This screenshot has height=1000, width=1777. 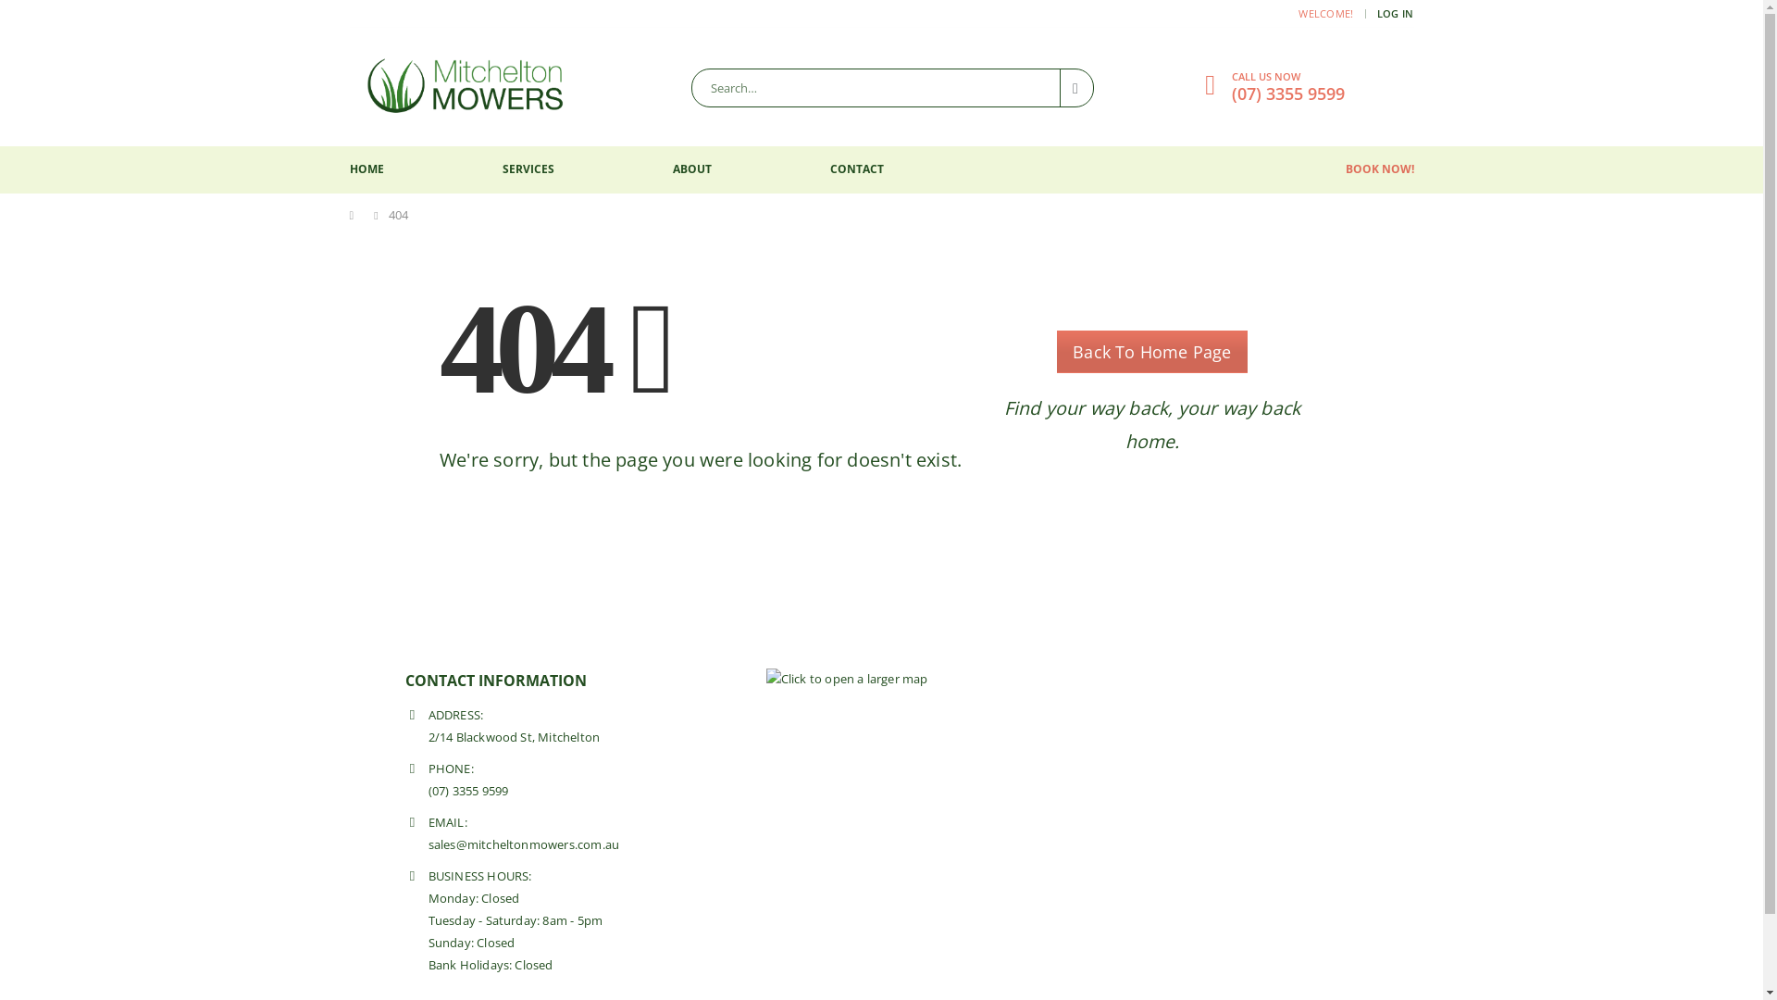 I want to click on 'Click to open a larger map', so click(x=846, y=678).